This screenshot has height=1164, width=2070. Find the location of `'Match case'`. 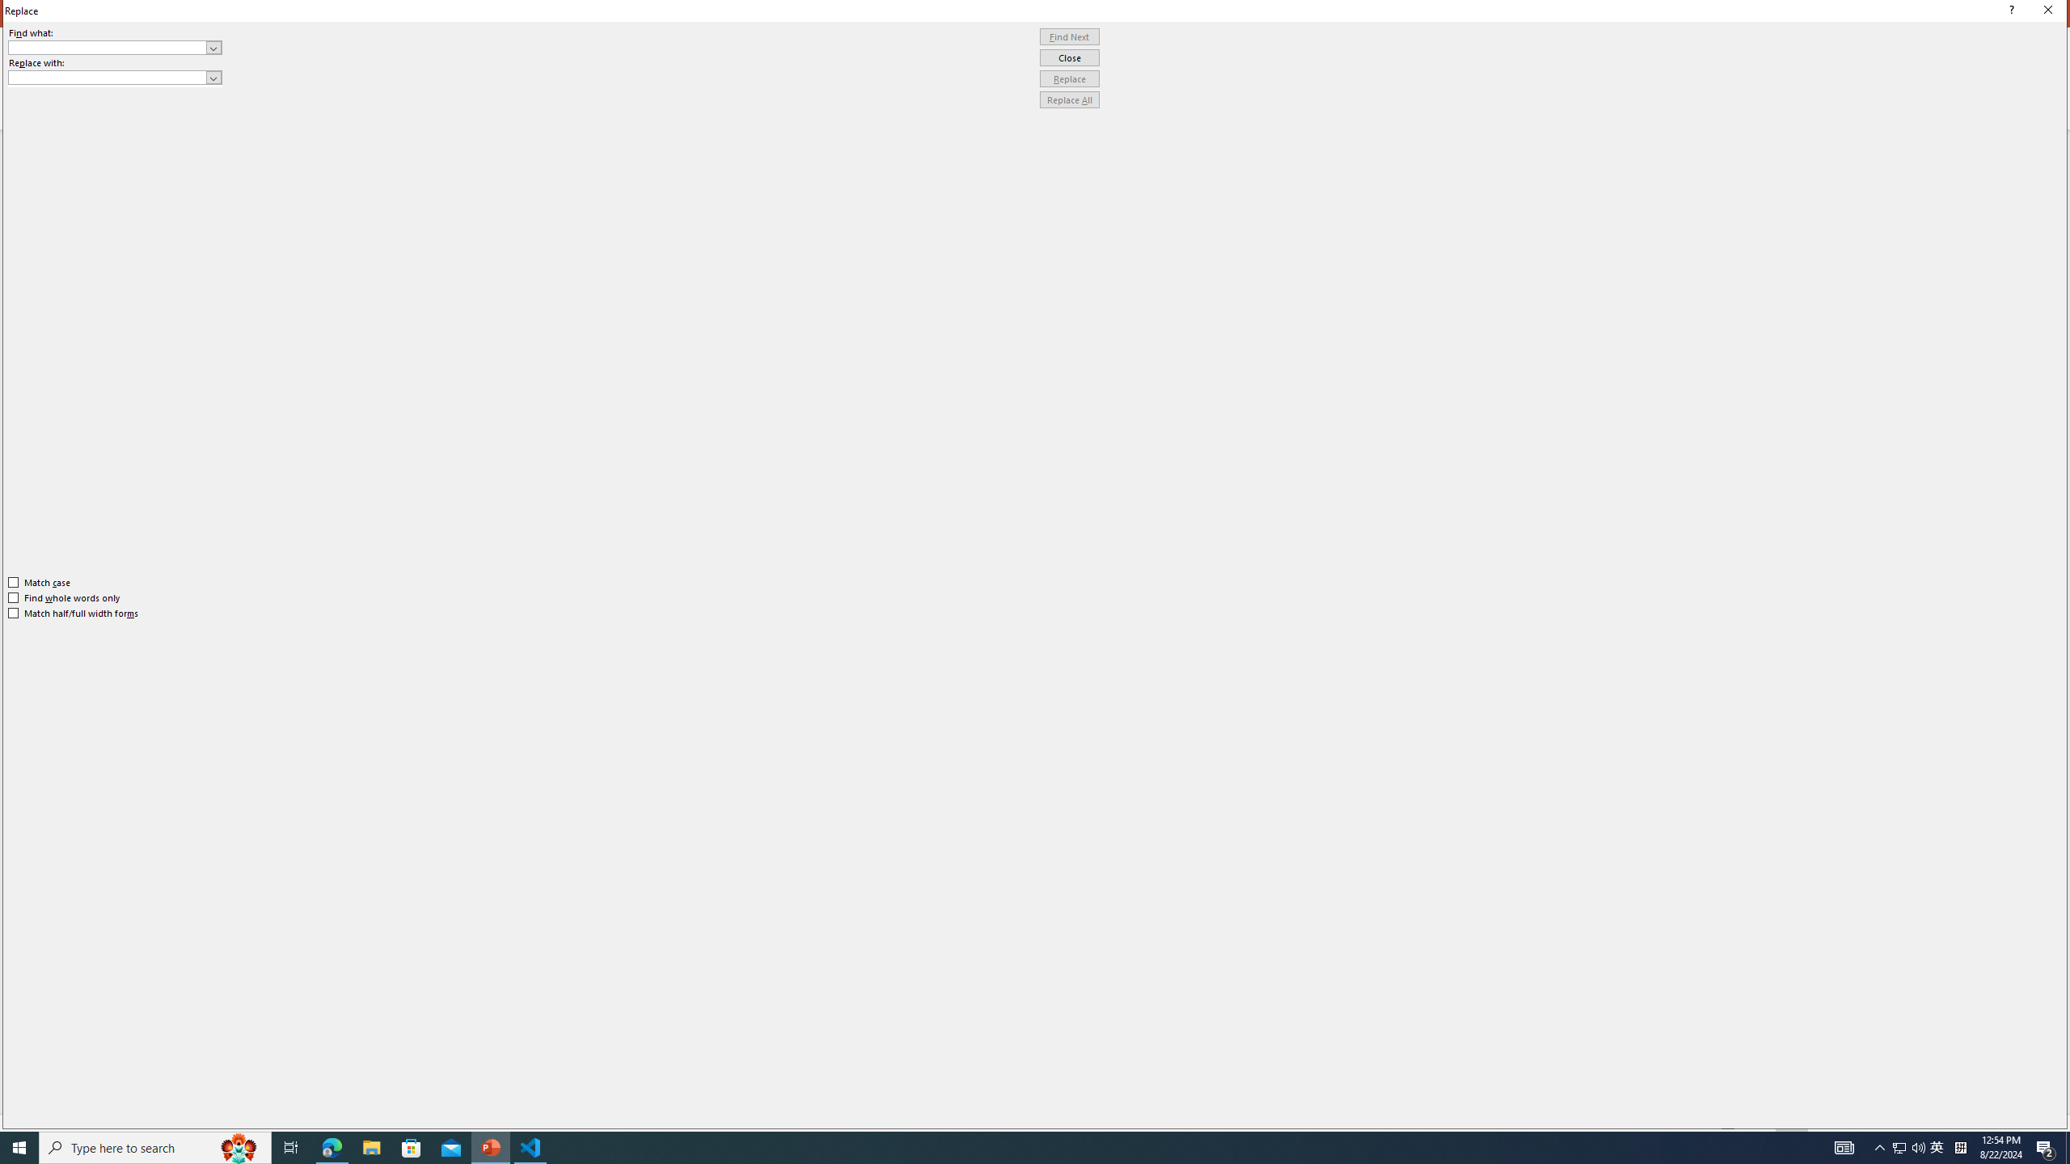

'Match case' is located at coordinates (39, 582).